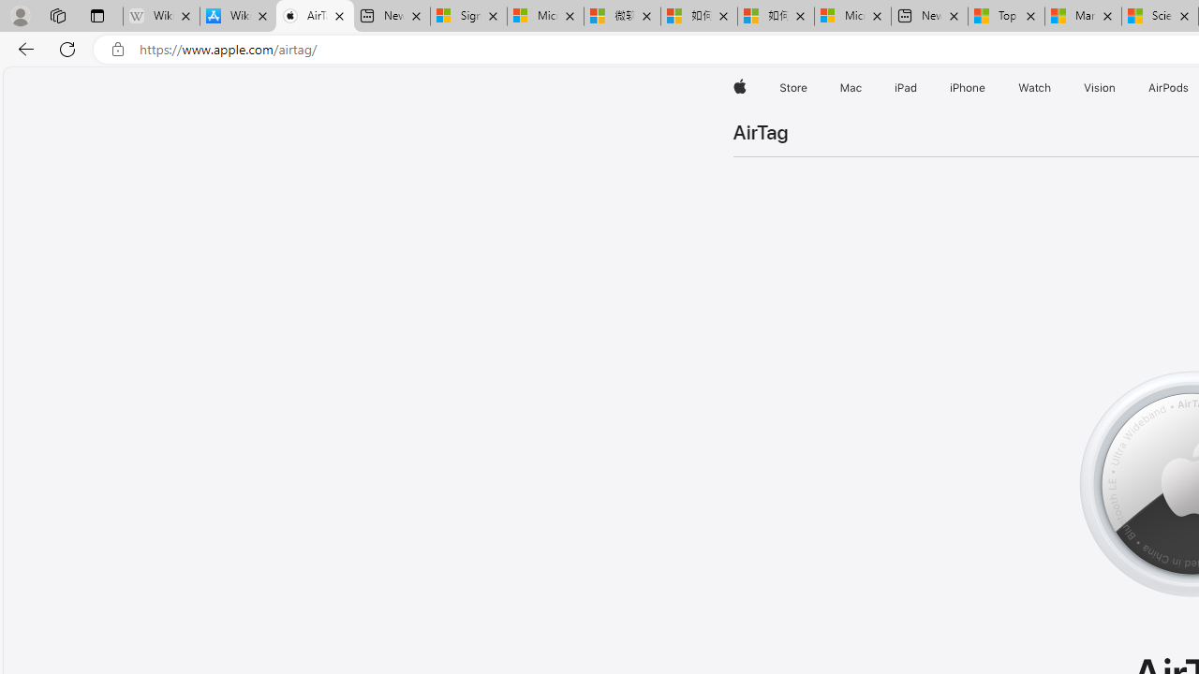 The width and height of the screenshot is (1199, 674). What do you see at coordinates (1101, 87) in the screenshot?
I see `'Vision'` at bounding box center [1101, 87].